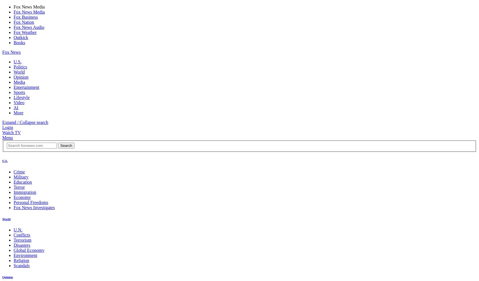 This screenshot has width=479, height=281. Describe the element at coordinates (11, 132) in the screenshot. I see `'Watch TV'` at that location.